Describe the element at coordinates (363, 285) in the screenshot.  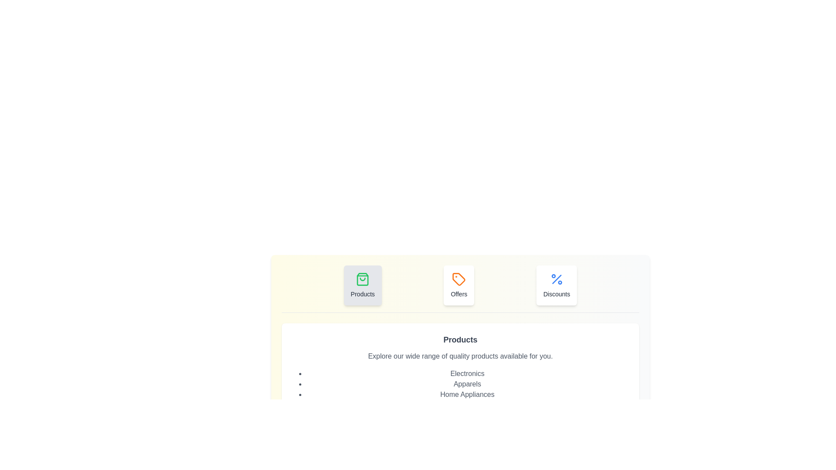
I see `the tab labeled Products to switch to the respective category` at that location.